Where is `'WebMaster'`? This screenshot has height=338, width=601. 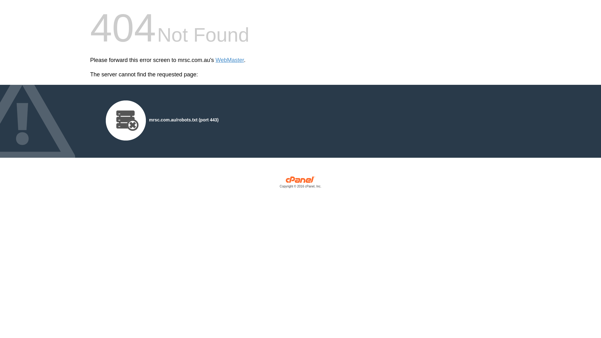 'WebMaster' is located at coordinates (216, 60).